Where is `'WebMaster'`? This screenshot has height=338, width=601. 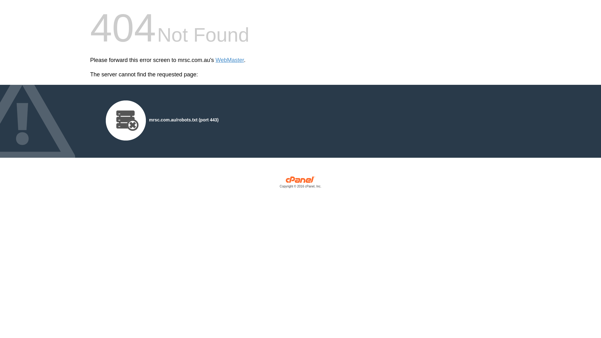 'WebMaster' is located at coordinates (216, 60).